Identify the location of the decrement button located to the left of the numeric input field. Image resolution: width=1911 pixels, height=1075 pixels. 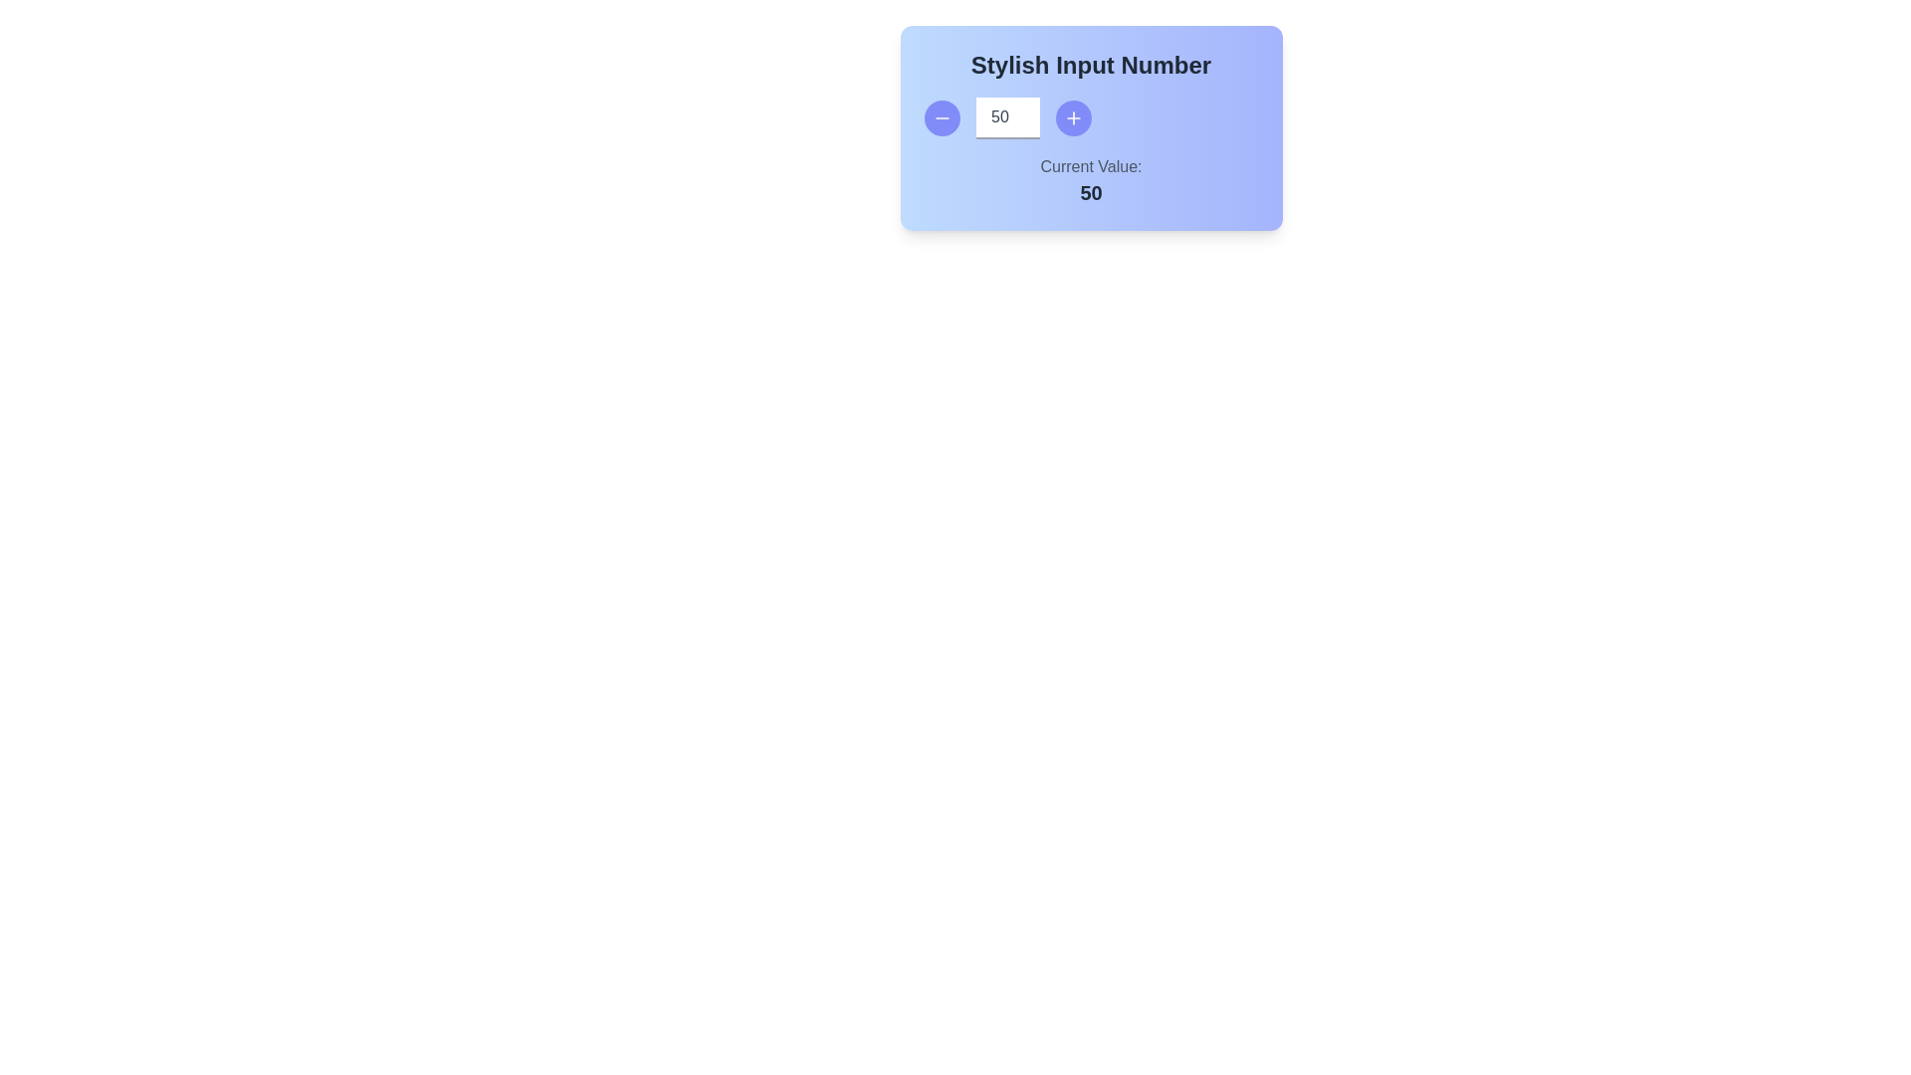
(941, 118).